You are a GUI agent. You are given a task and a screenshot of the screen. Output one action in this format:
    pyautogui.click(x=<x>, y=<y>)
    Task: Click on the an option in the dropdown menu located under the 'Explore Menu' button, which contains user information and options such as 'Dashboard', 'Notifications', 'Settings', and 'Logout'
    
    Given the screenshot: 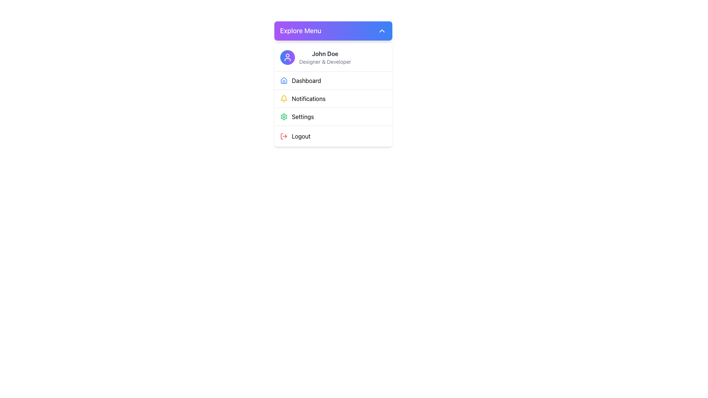 What is the action you would take?
    pyautogui.click(x=333, y=95)
    